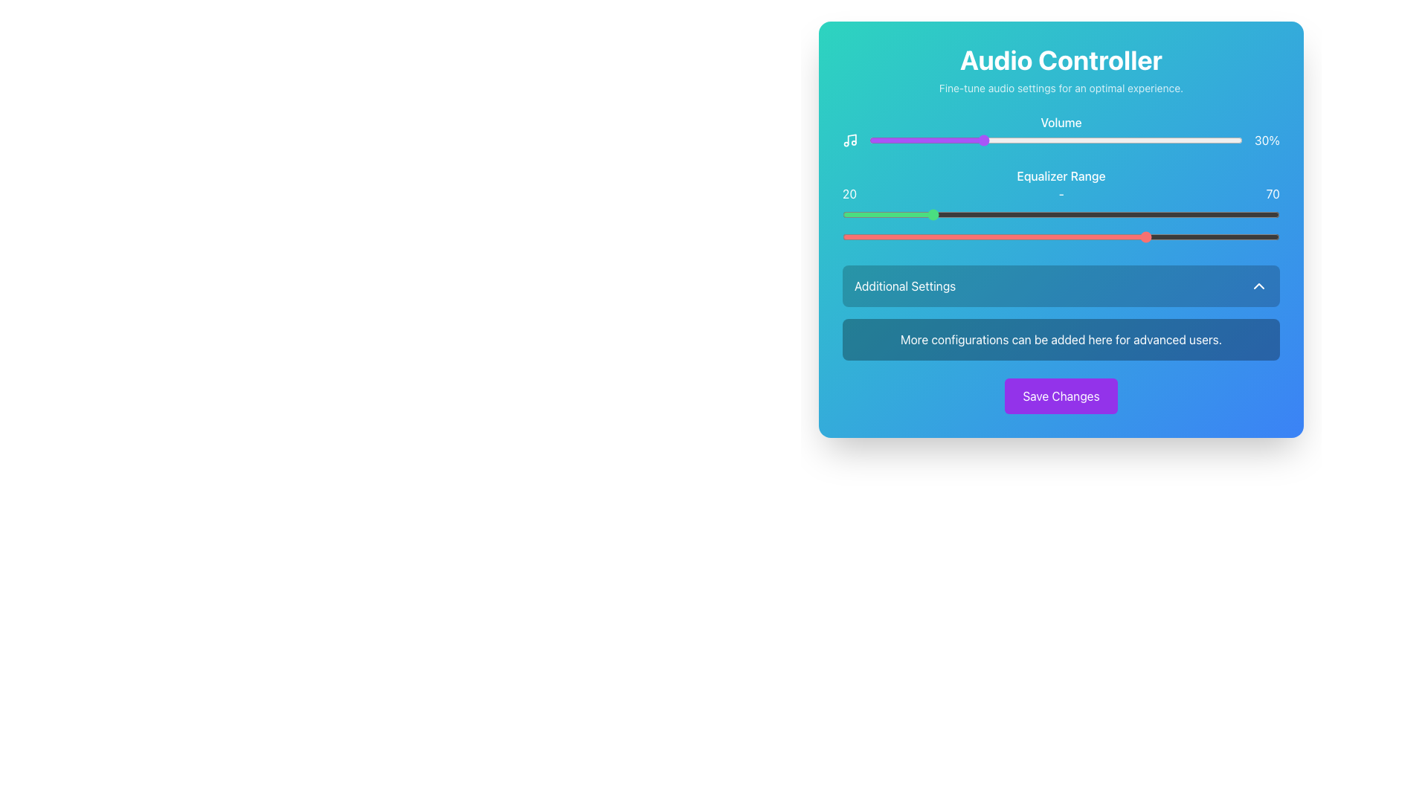 The width and height of the screenshot is (1428, 803). I want to click on the equalizer range, so click(1245, 236).